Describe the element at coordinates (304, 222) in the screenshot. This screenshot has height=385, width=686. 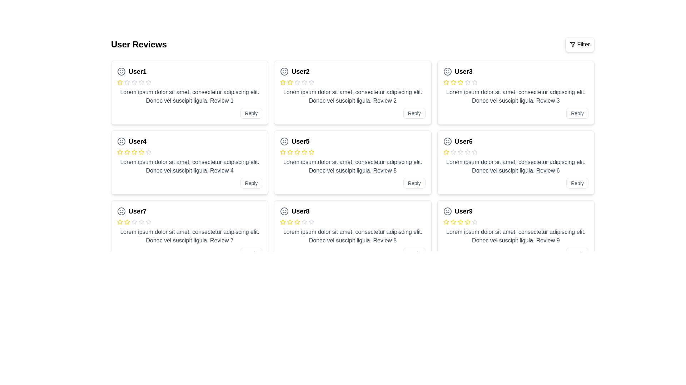
I see `the sixth star in the horizontal sequence of rating stars under the heading 'User8' in the review card grid` at that location.